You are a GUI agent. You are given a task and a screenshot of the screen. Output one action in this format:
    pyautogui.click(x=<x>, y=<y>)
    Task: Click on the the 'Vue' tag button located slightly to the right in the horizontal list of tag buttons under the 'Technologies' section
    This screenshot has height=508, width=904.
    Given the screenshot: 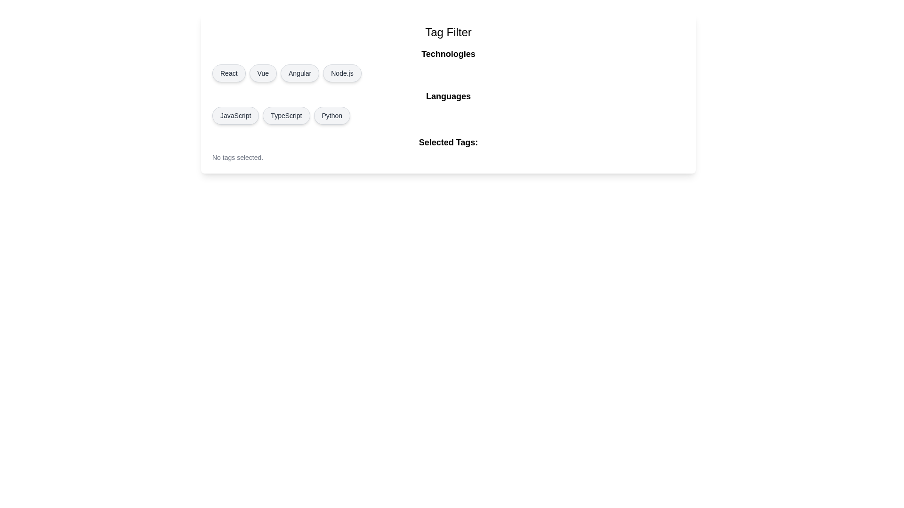 What is the action you would take?
    pyautogui.click(x=263, y=72)
    